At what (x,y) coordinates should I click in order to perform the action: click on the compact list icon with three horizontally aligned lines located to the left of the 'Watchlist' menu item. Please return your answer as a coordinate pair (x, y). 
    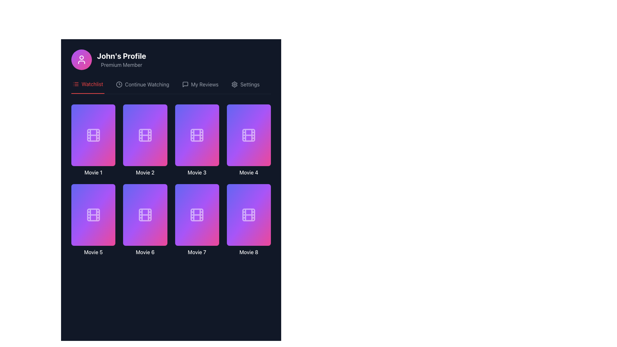
    Looking at the image, I should click on (76, 84).